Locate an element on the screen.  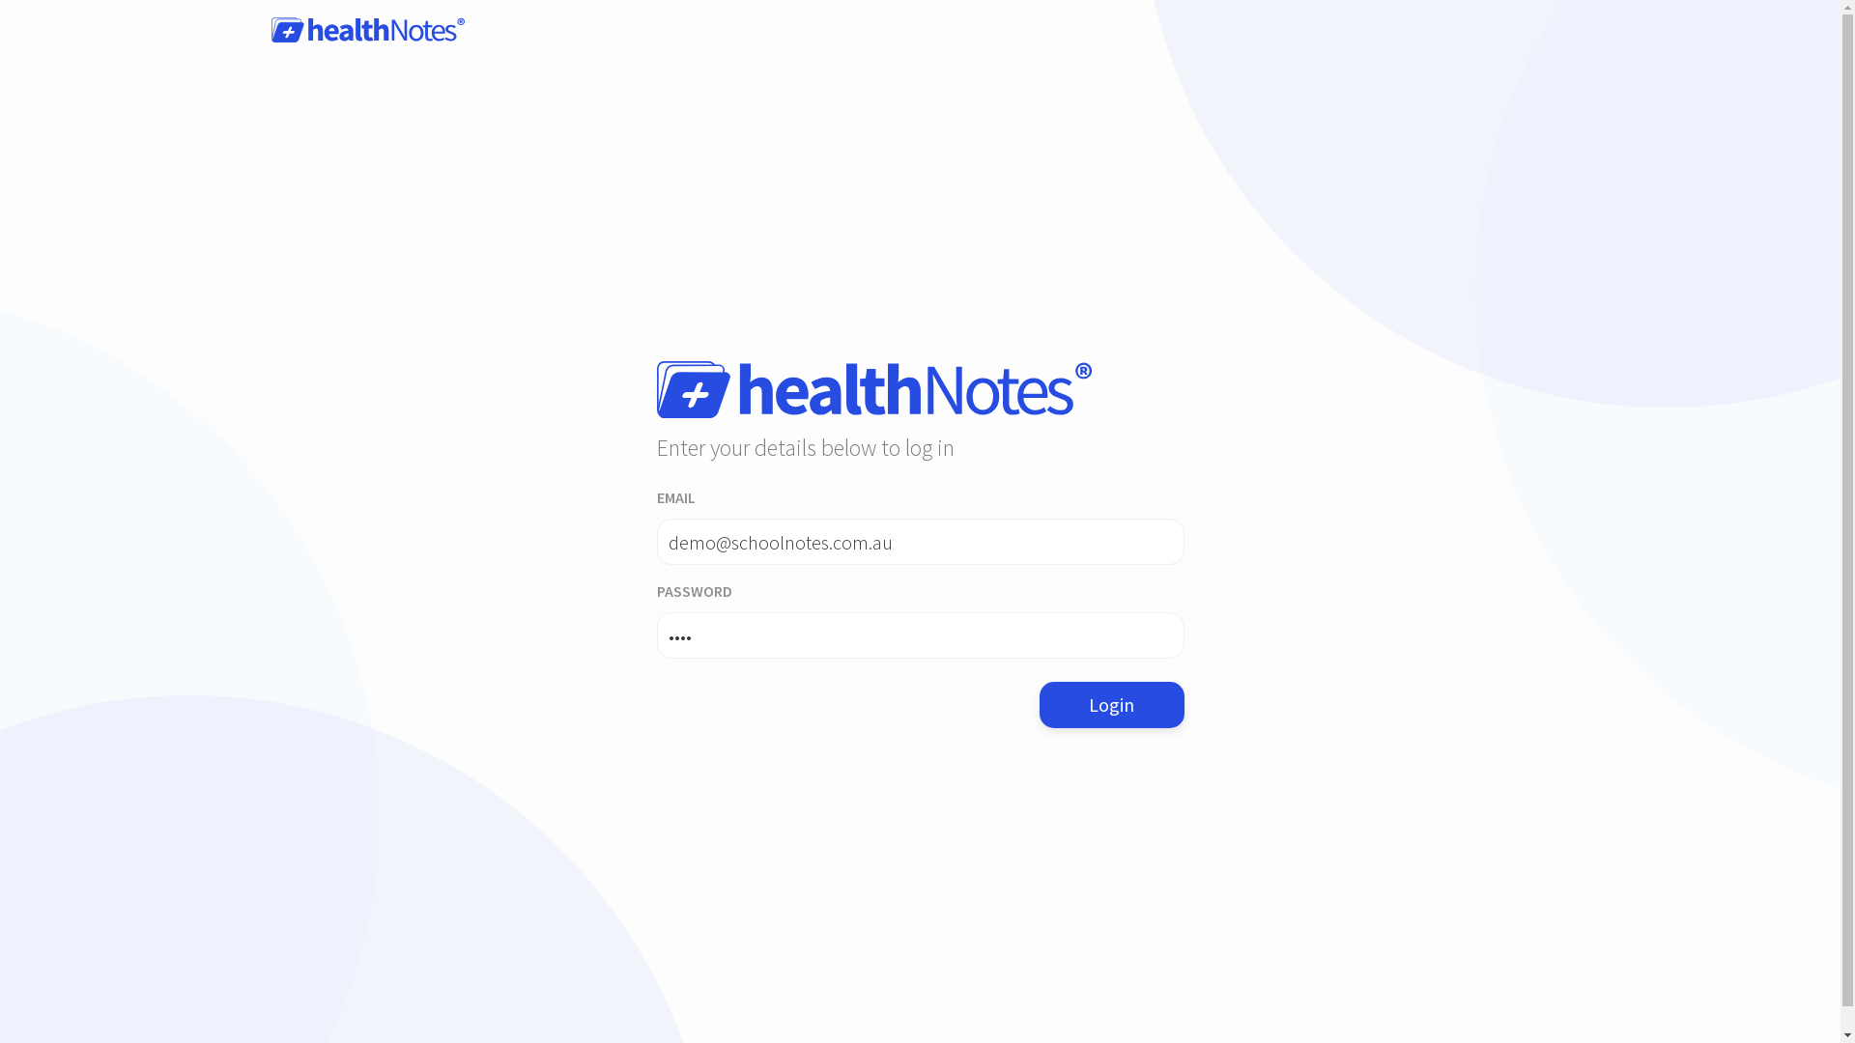
'Login' is located at coordinates (1038, 704).